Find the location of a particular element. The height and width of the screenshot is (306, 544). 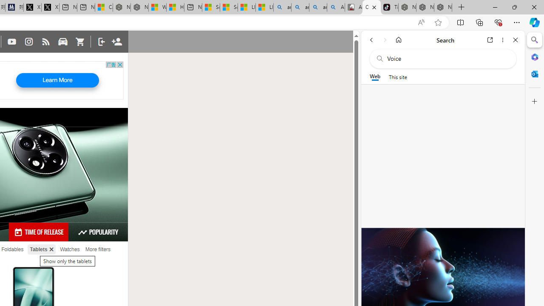

'Search the web' is located at coordinates (447, 58).